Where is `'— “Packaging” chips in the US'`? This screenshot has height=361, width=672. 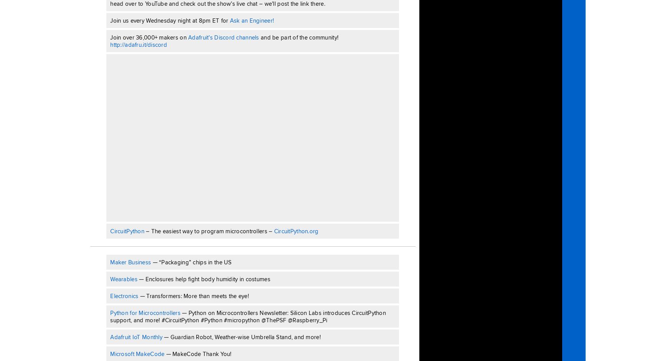 '— “Packaging” chips in the US' is located at coordinates (191, 262).